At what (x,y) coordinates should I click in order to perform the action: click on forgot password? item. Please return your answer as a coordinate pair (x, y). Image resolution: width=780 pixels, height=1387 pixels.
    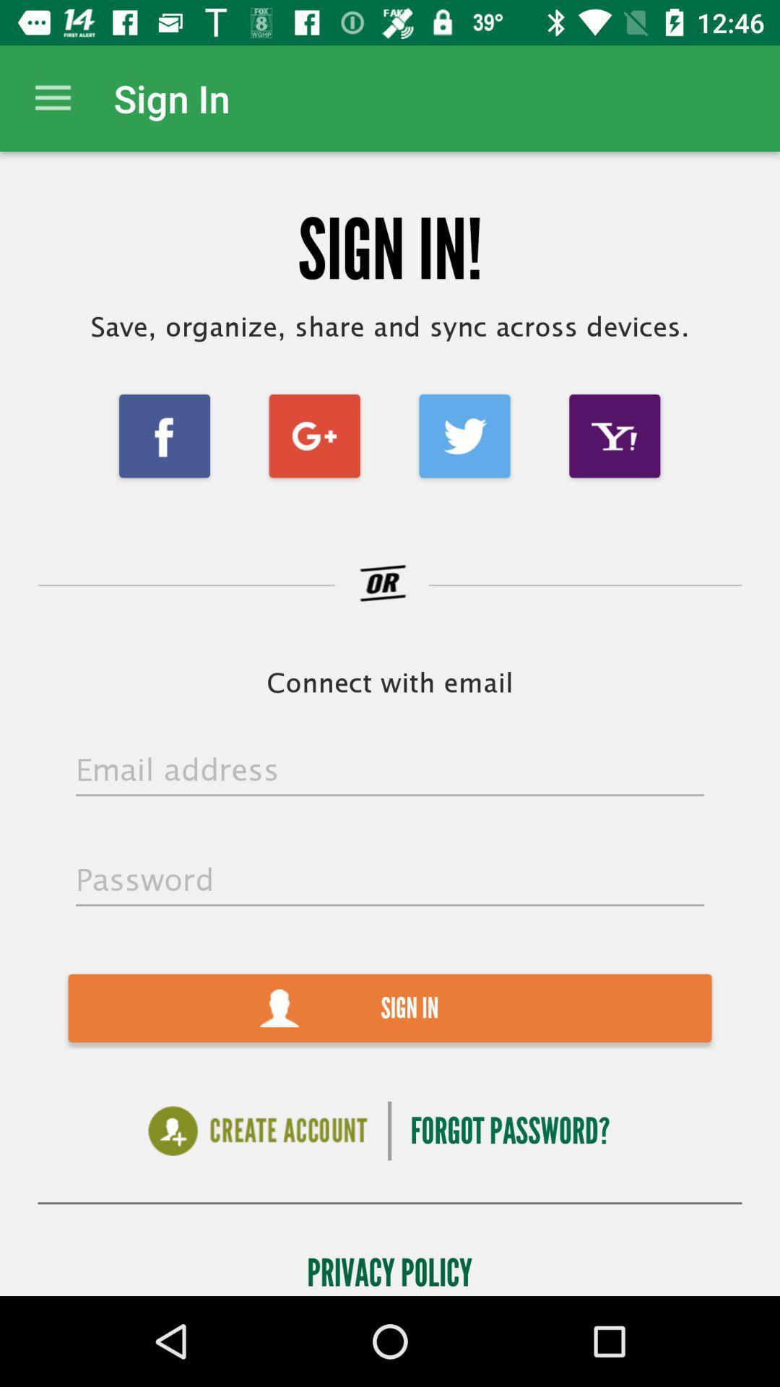
    Looking at the image, I should click on (509, 1130).